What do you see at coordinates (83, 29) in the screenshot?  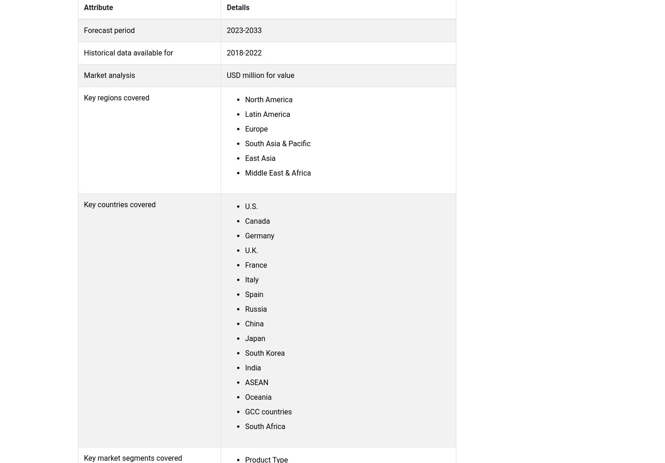 I see `'Forecast period'` at bounding box center [83, 29].